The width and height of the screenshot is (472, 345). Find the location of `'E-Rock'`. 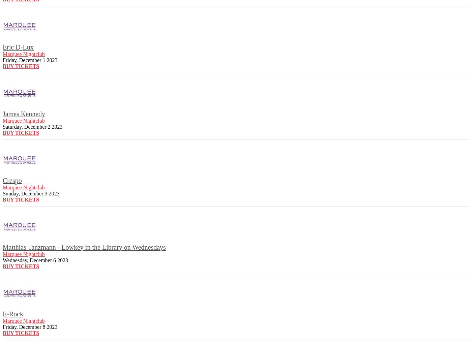

'E-Rock' is located at coordinates (13, 313).